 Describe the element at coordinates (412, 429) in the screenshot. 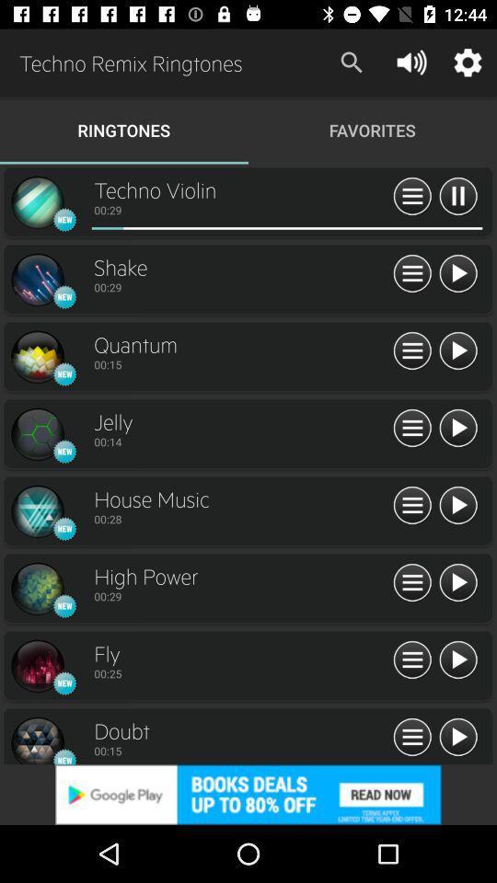

I see `information view option` at that location.